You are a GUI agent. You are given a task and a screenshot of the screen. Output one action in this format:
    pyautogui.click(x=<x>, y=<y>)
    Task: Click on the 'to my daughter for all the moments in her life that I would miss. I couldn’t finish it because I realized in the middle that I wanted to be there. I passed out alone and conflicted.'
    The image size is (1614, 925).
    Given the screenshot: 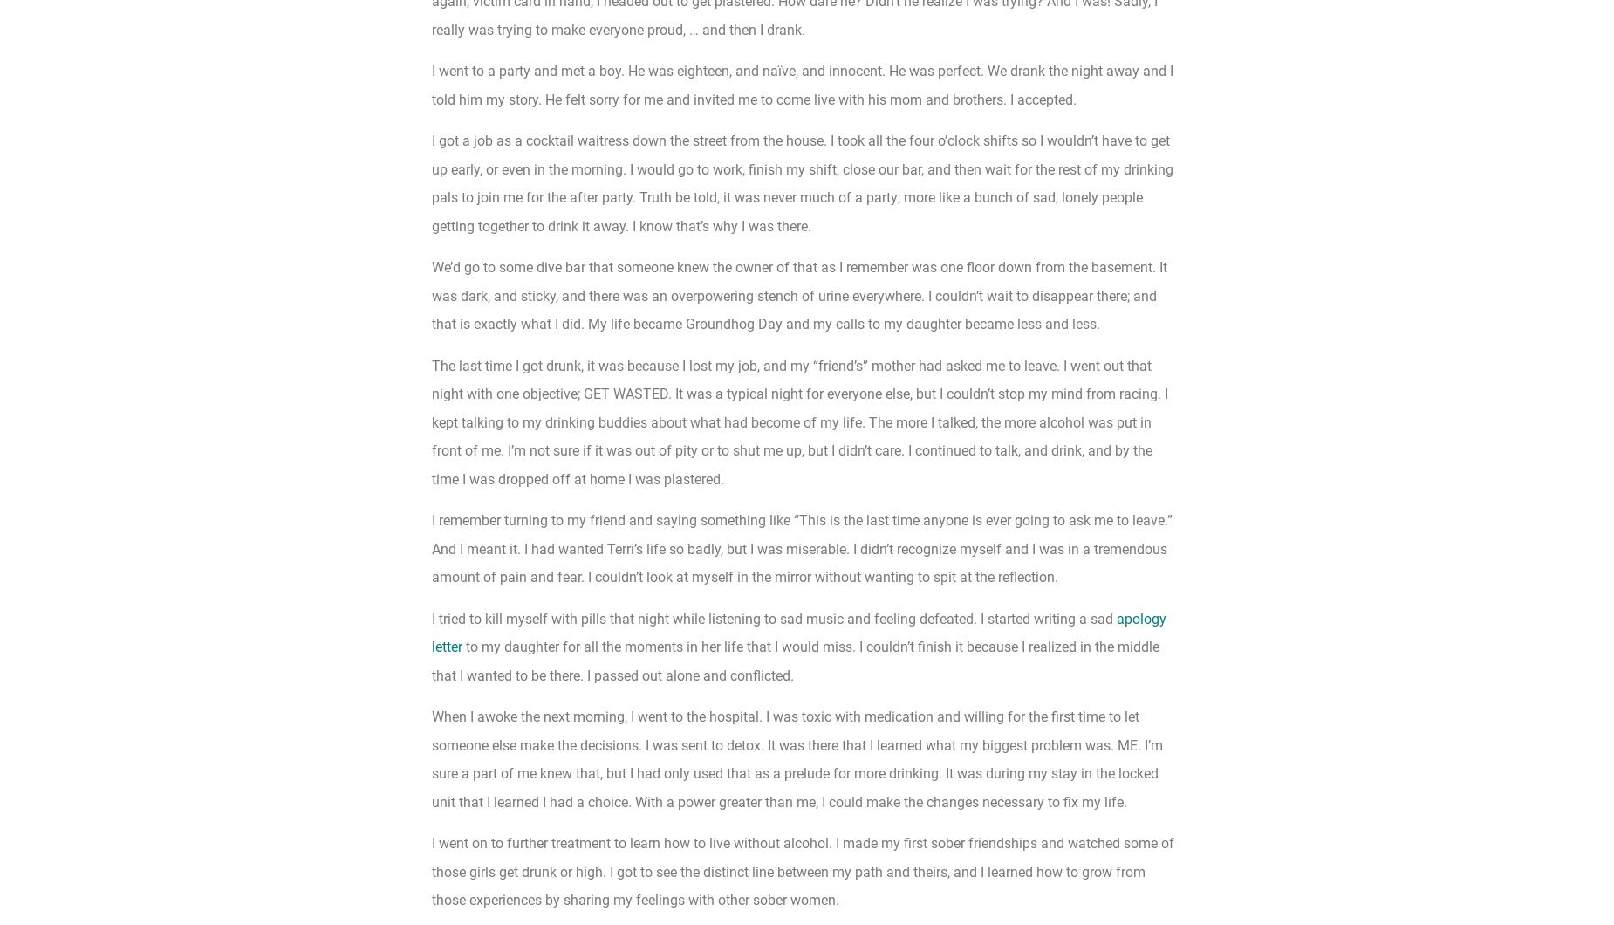 What is the action you would take?
    pyautogui.click(x=796, y=660)
    